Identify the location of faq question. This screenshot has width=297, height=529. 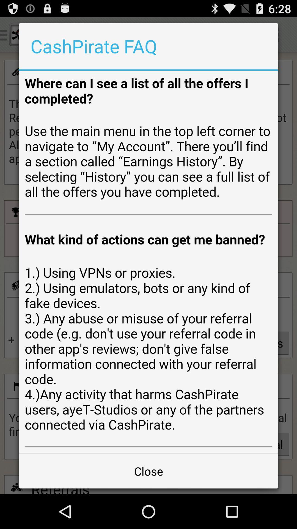
(148, 262).